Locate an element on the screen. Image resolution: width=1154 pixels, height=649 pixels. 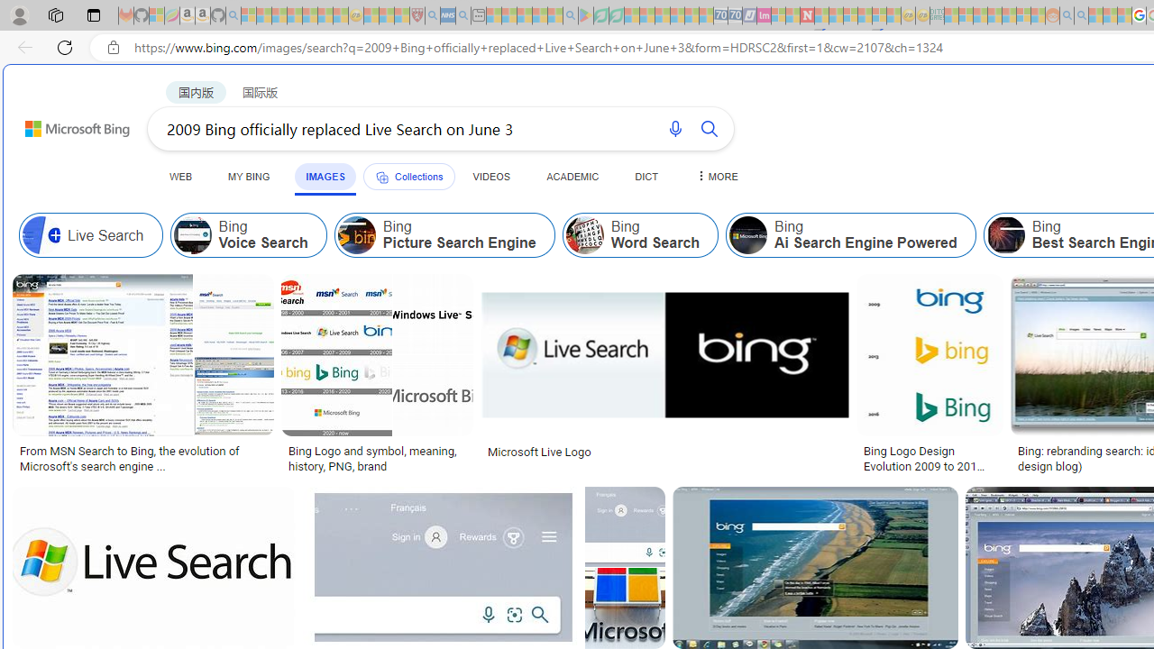
'Microsoft Live LogoSave' is located at coordinates (667, 375).